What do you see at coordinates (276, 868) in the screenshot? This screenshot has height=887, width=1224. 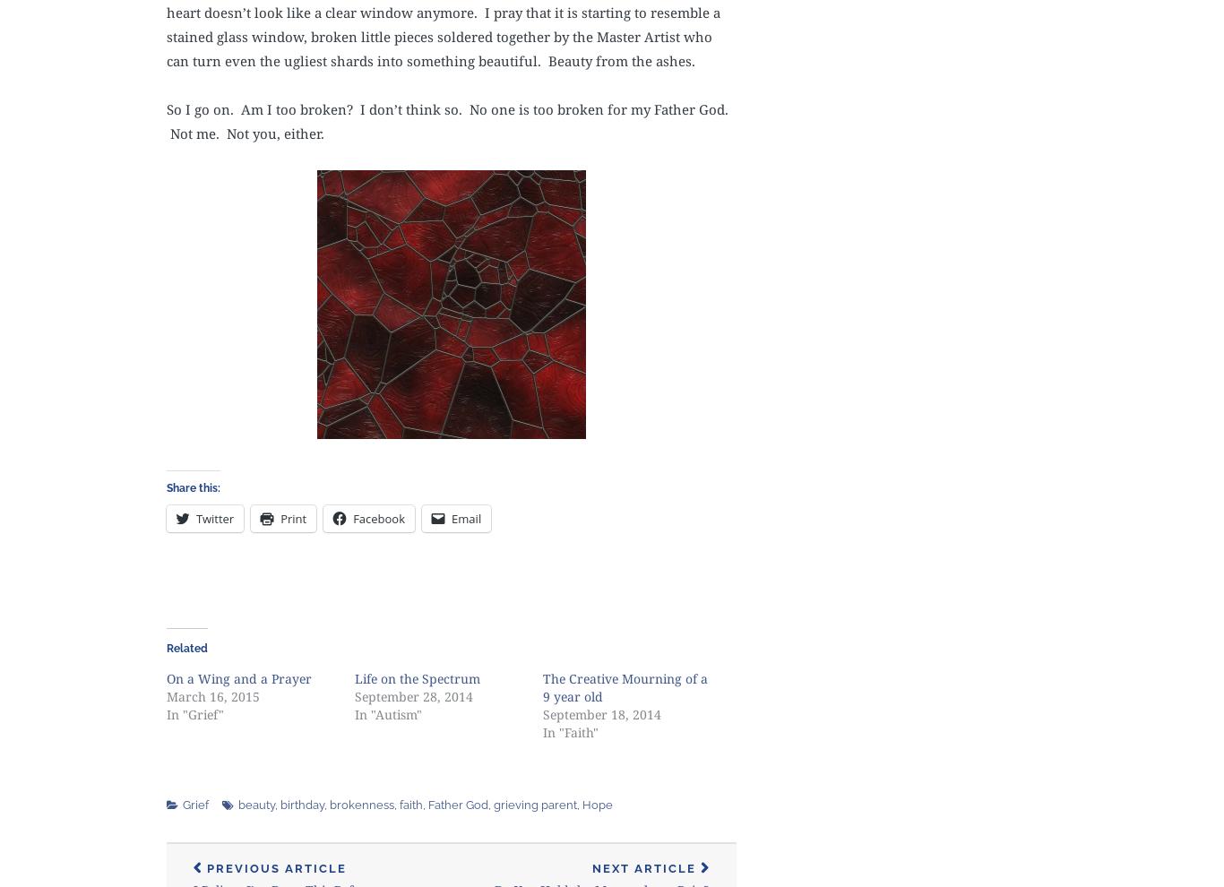 I see `'Previous Article'` at bounding box center [276, 868].